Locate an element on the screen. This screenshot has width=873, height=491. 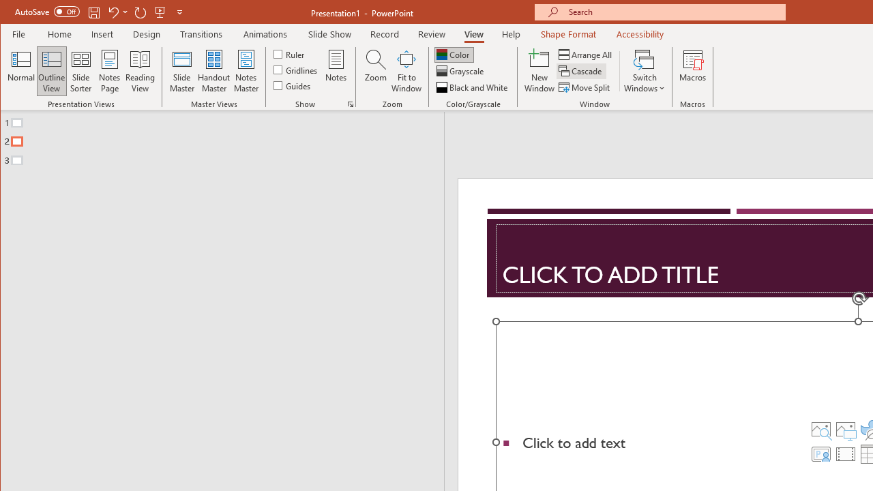
'Guides' is located at coordinates (293, 85).